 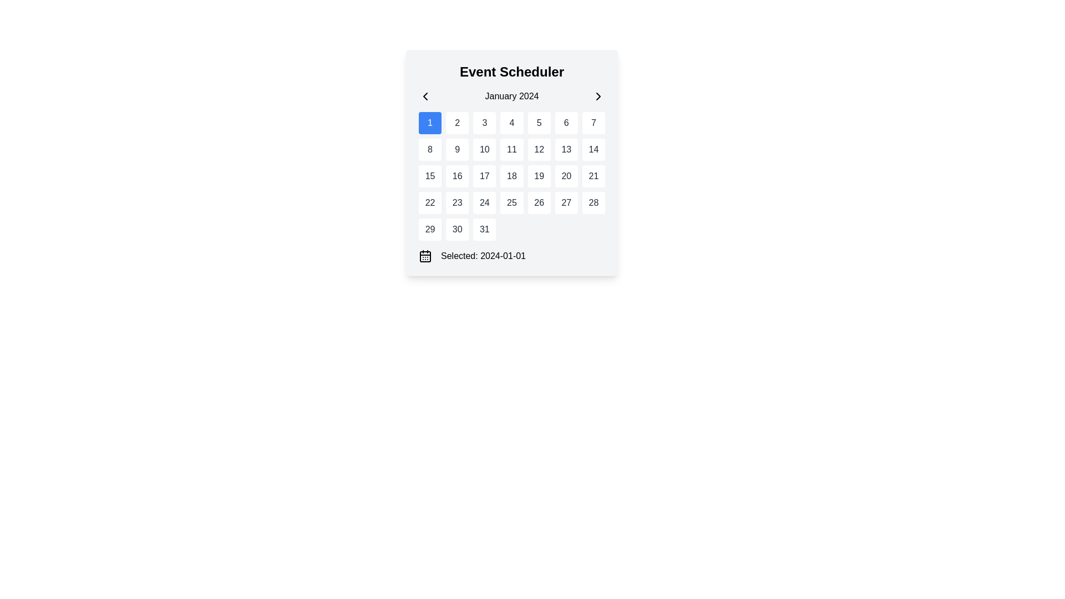 What do you see at coordinates (511, 95) in the screenshot?
I see `the Date Navigator Header, which displays the current month and year in the calendar interface, located below 'Event Scheduler' and above the calendar grid` at bounding box center [511, 95].